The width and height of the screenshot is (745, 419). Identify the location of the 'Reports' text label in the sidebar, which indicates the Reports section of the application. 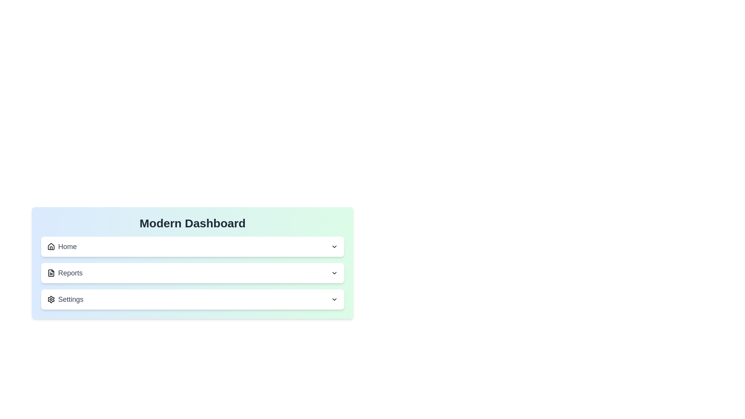
(70, 273).